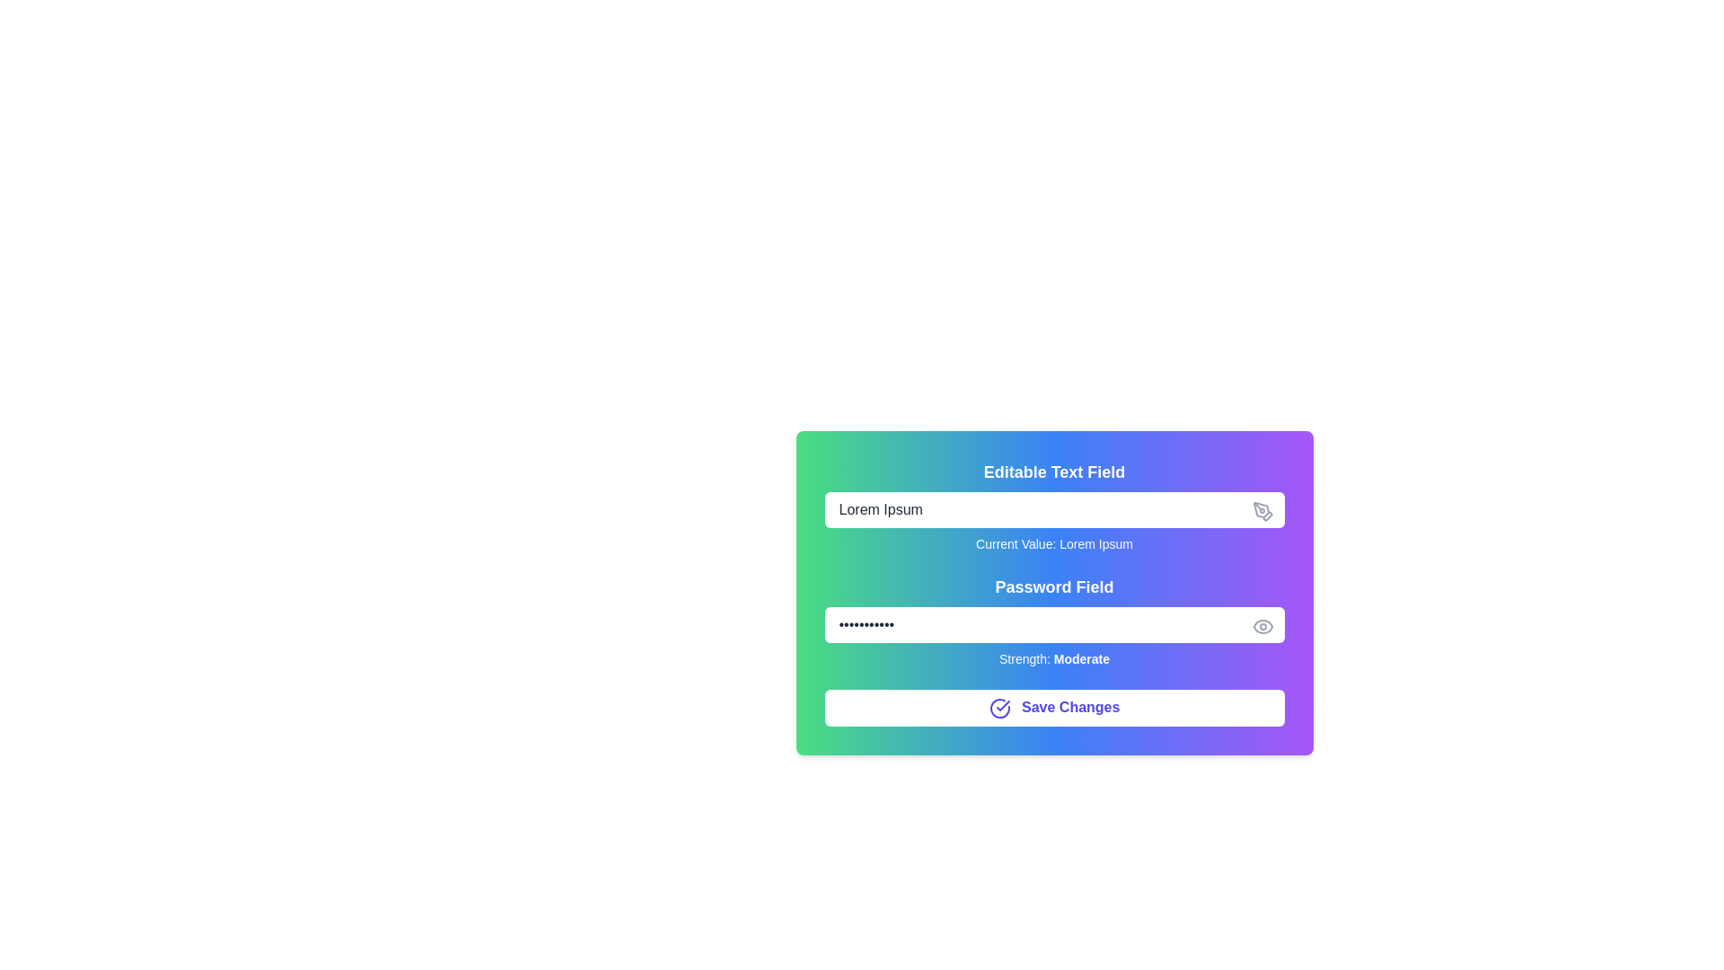 The image size is (1724, 970). Describe the element at coordinates (1054, 658) in the screenshot. I see `the text label that indicates the strength of the entered password, located below the password input field and above the 'Save Changes' button` at that location.